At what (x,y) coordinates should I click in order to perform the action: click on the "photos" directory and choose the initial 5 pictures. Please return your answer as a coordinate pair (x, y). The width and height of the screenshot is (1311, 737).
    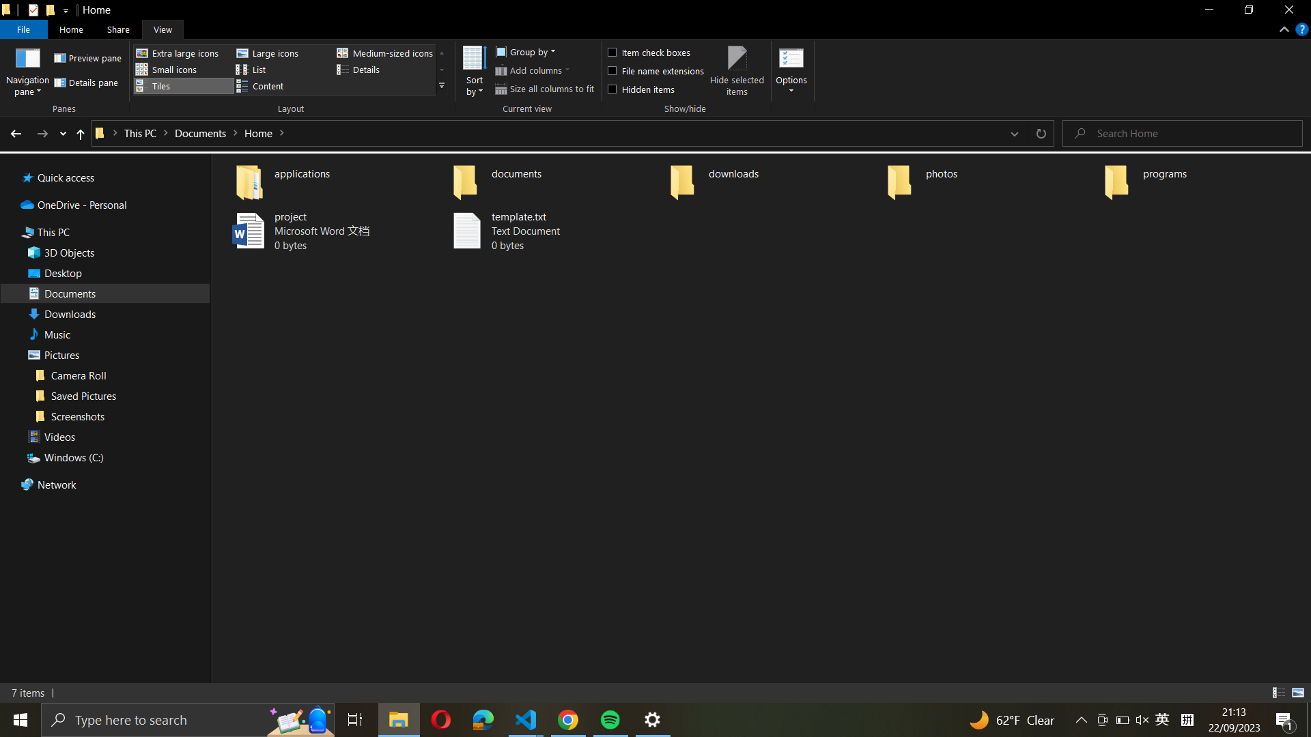
    Looking at the image, I should click on (989, 178).